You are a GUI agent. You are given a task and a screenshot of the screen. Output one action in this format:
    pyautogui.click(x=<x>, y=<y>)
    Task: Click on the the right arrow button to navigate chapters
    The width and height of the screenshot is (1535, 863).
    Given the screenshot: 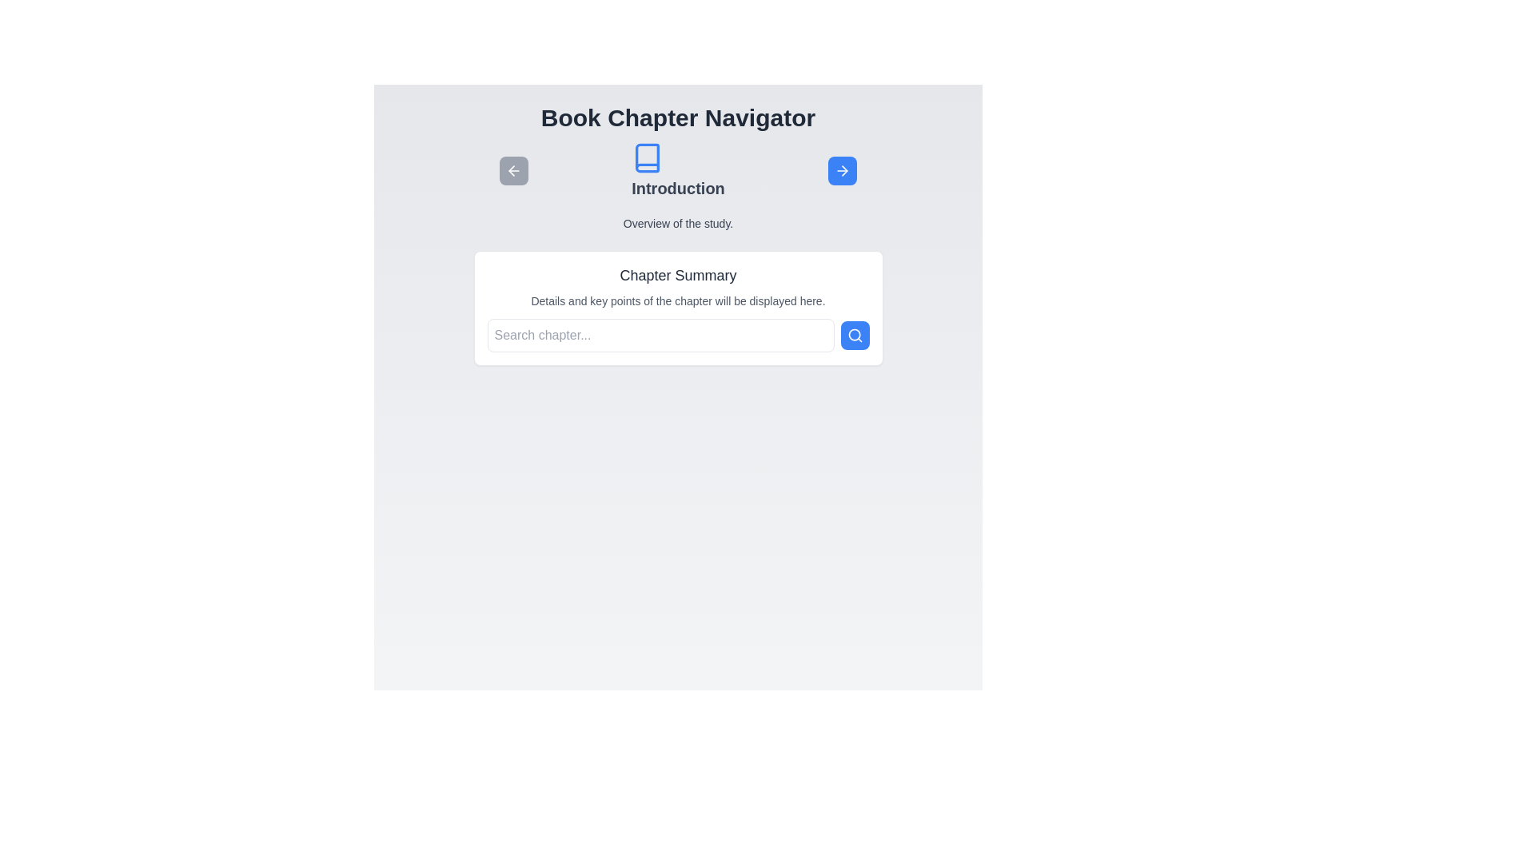 What is the action you would take?
    pyautogui.click(x=842, y=170)
    